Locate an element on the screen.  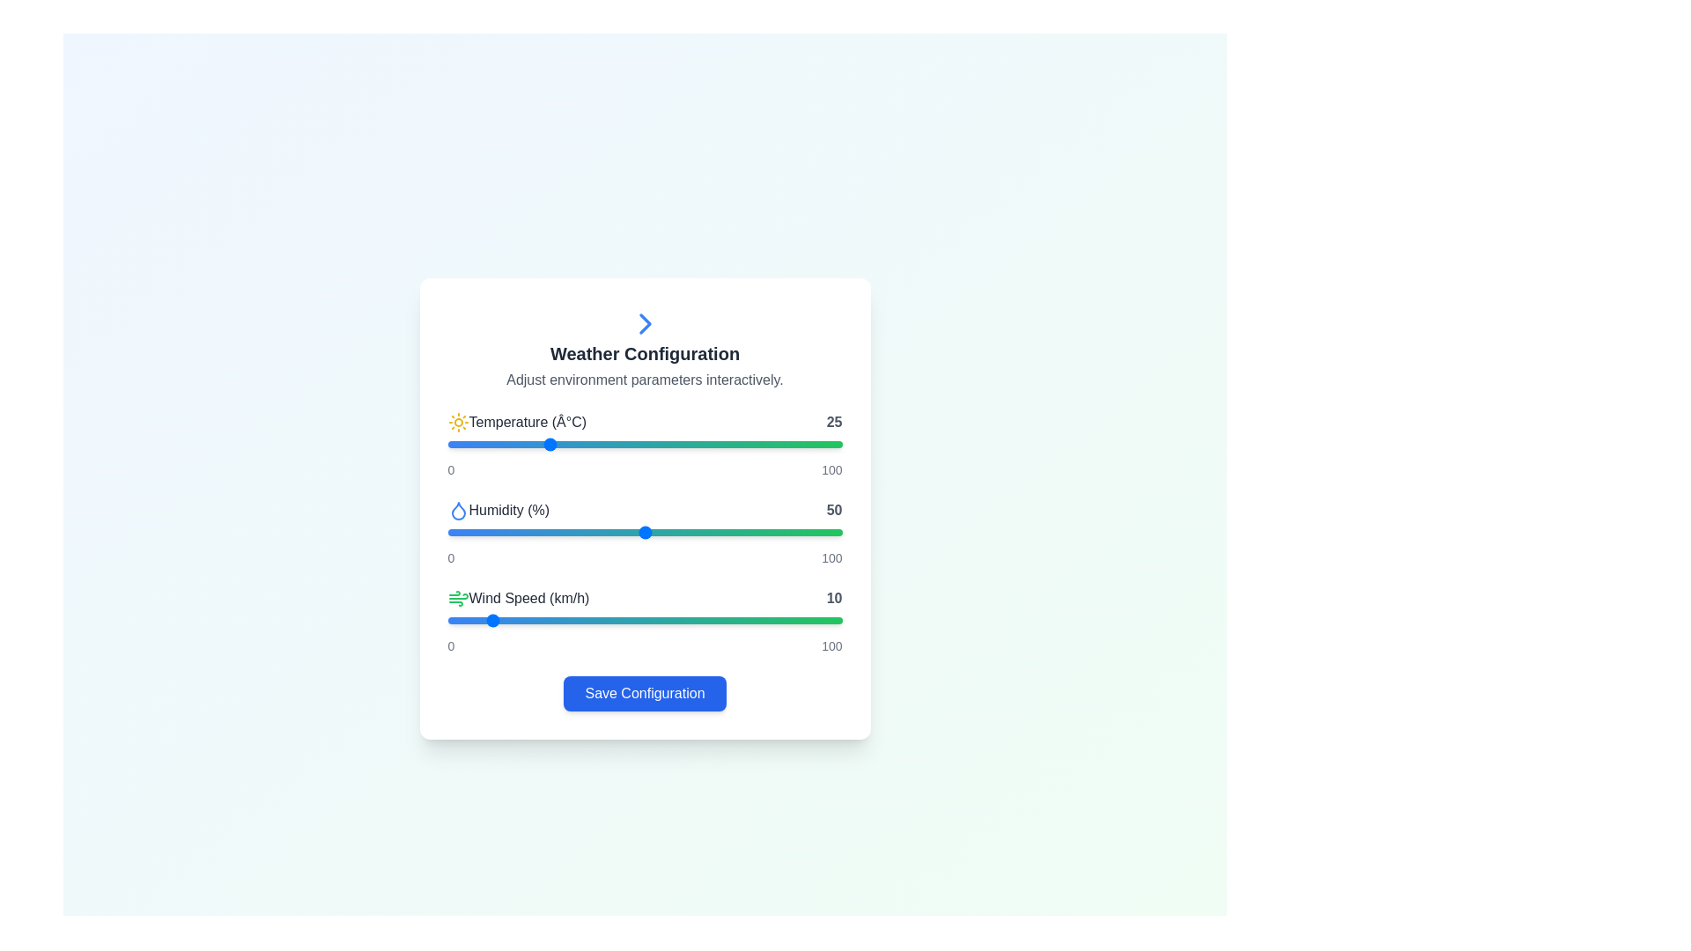
the save button located near the bottom of the white panel to observe visual feedback is located at coordinates (644, 692).